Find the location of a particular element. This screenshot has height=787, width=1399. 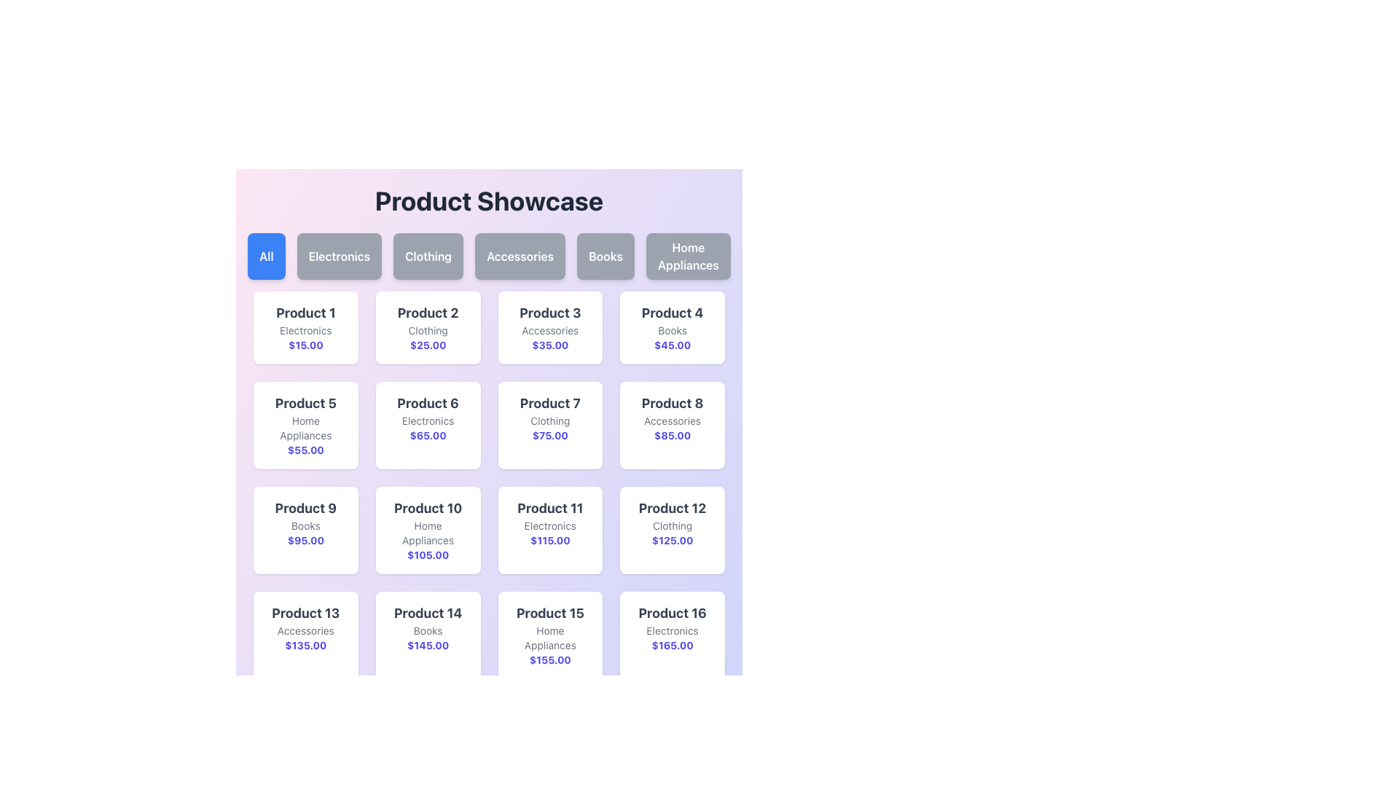

price displayed in bold purple text '$105.00' located below 'Home Appliances' for 'Product 10' is located at coordinates (427, 555).